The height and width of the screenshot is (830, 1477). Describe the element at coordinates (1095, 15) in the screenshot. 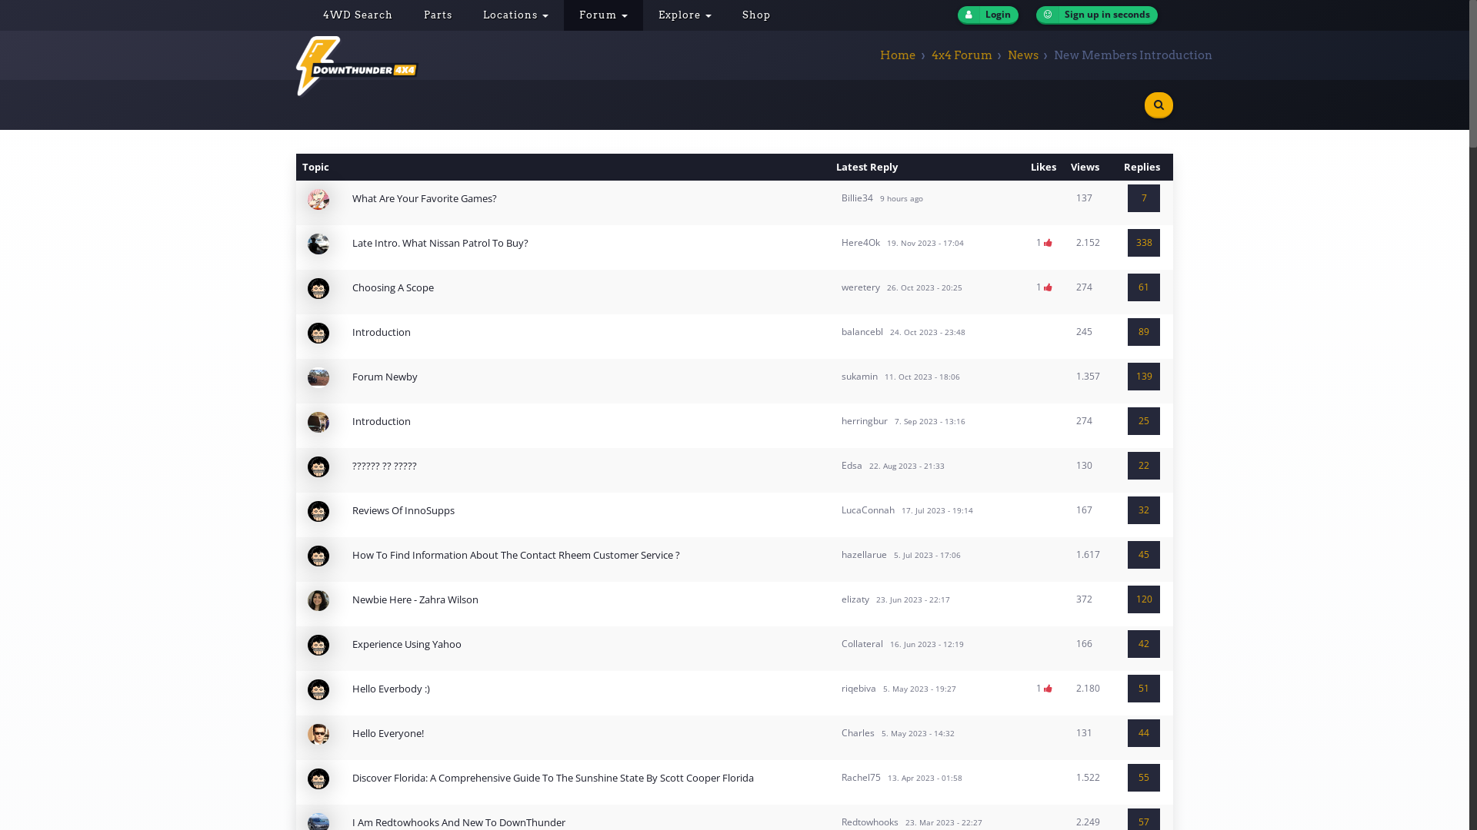

I see `'Sign up in seconds'` at that location.